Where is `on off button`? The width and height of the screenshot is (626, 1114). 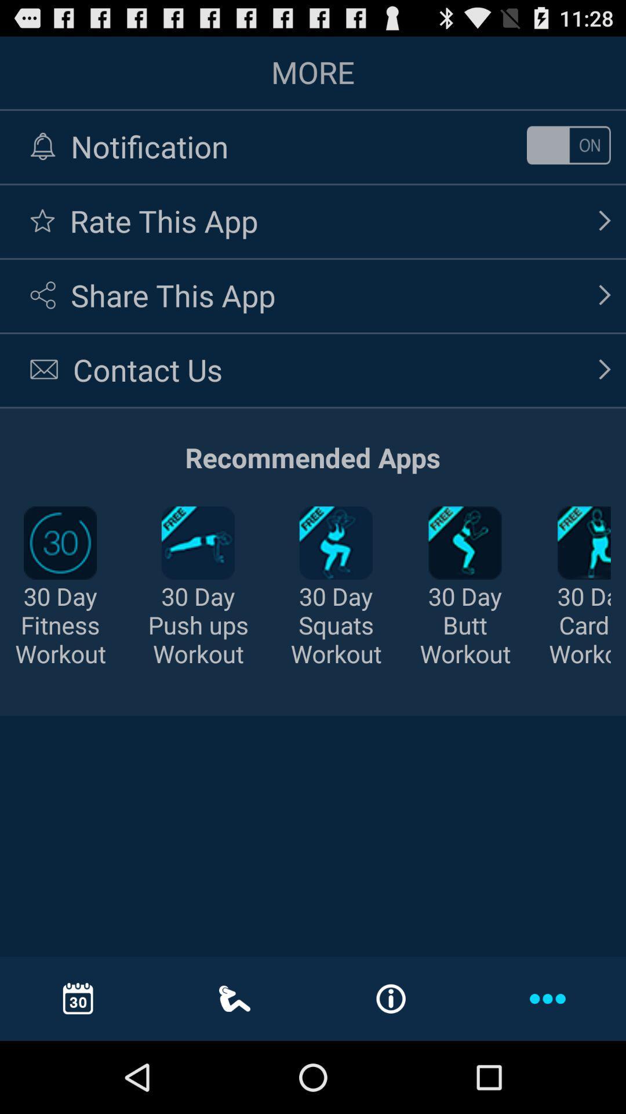 on off button is located at coordinates (568, 144).